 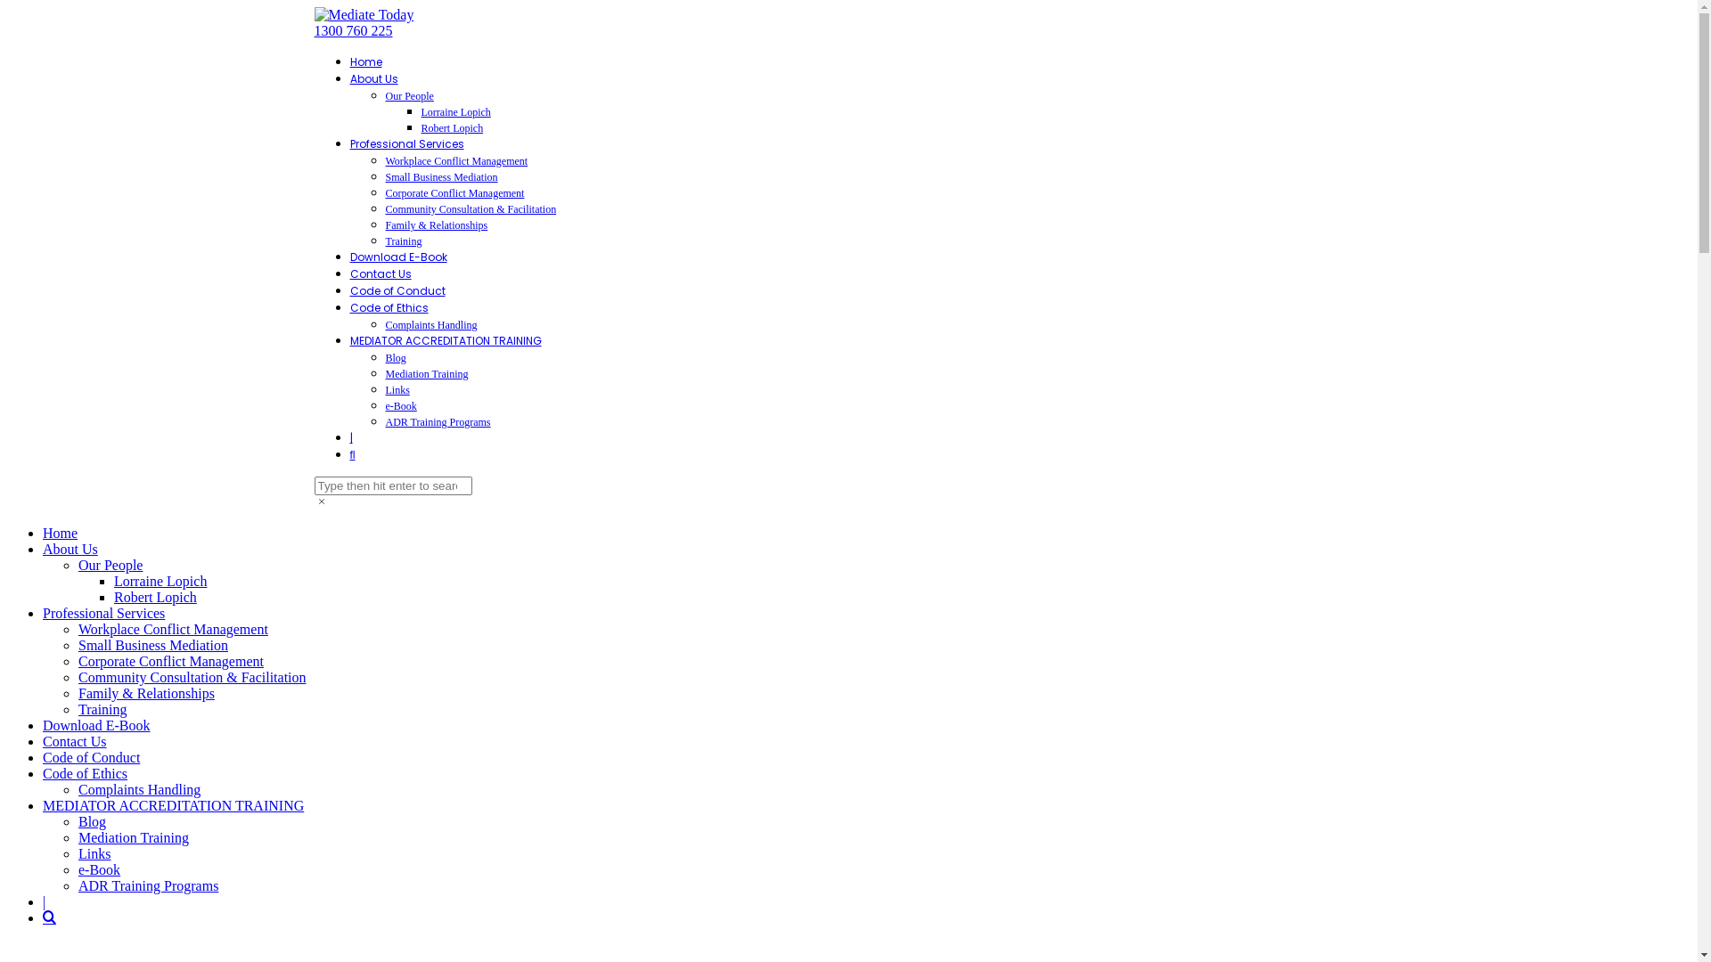 I want to click on 'Professional Services', so click(x=405, y=143).